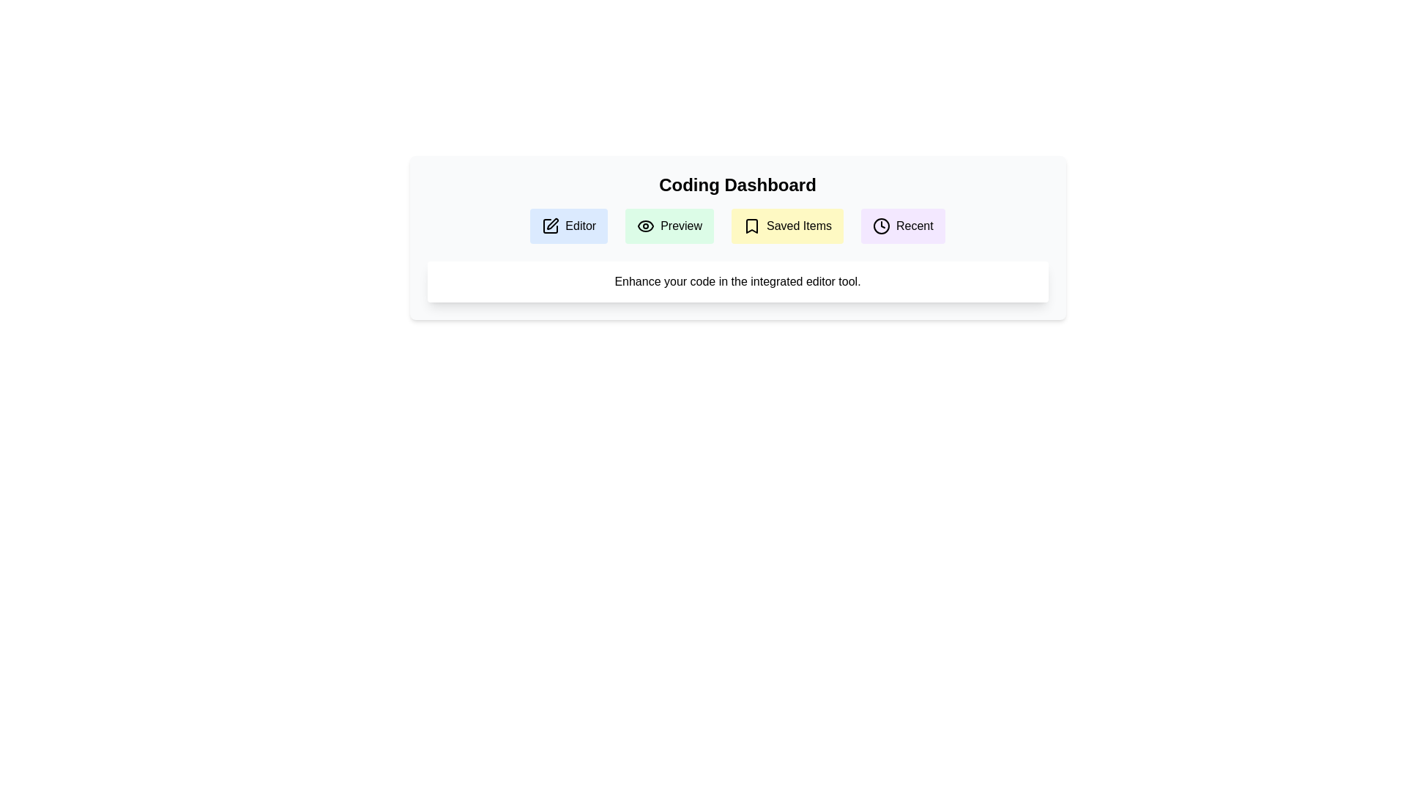 The width and height of the screenshot is (1406, 791). What do you see at coordinates (752, 226) in the screenshot?
I see `the bookmark icon within the 'Saved Items' button` at bounding box center [752, 226].